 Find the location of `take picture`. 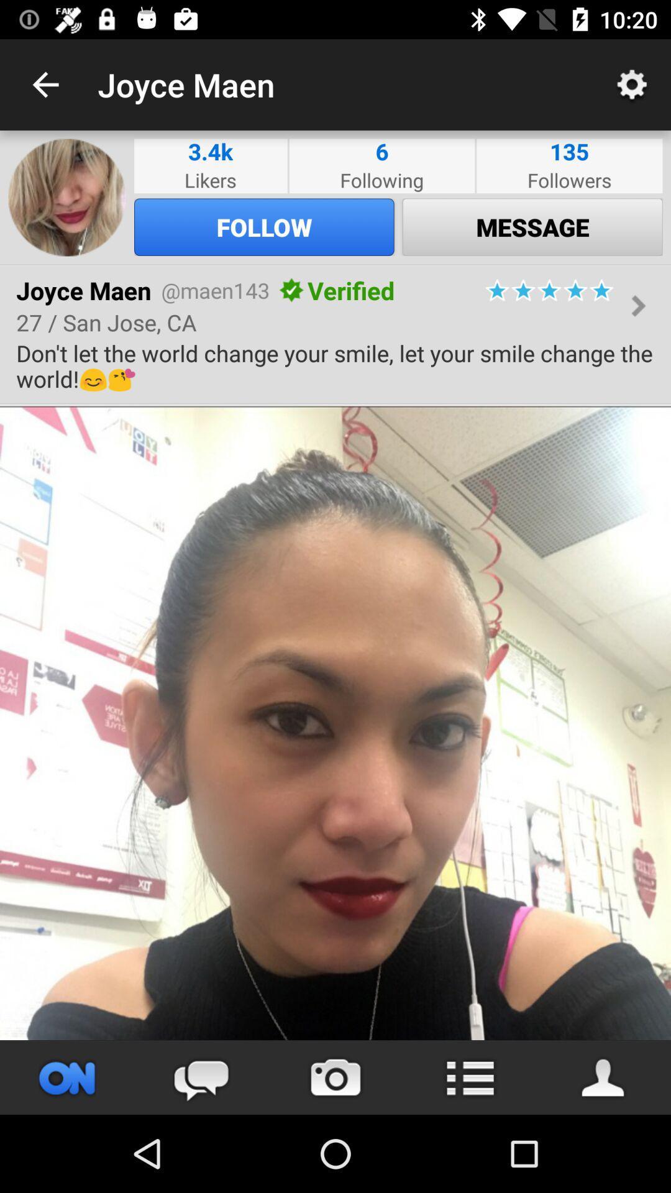

take picture is located at coordinates (335, 1077).